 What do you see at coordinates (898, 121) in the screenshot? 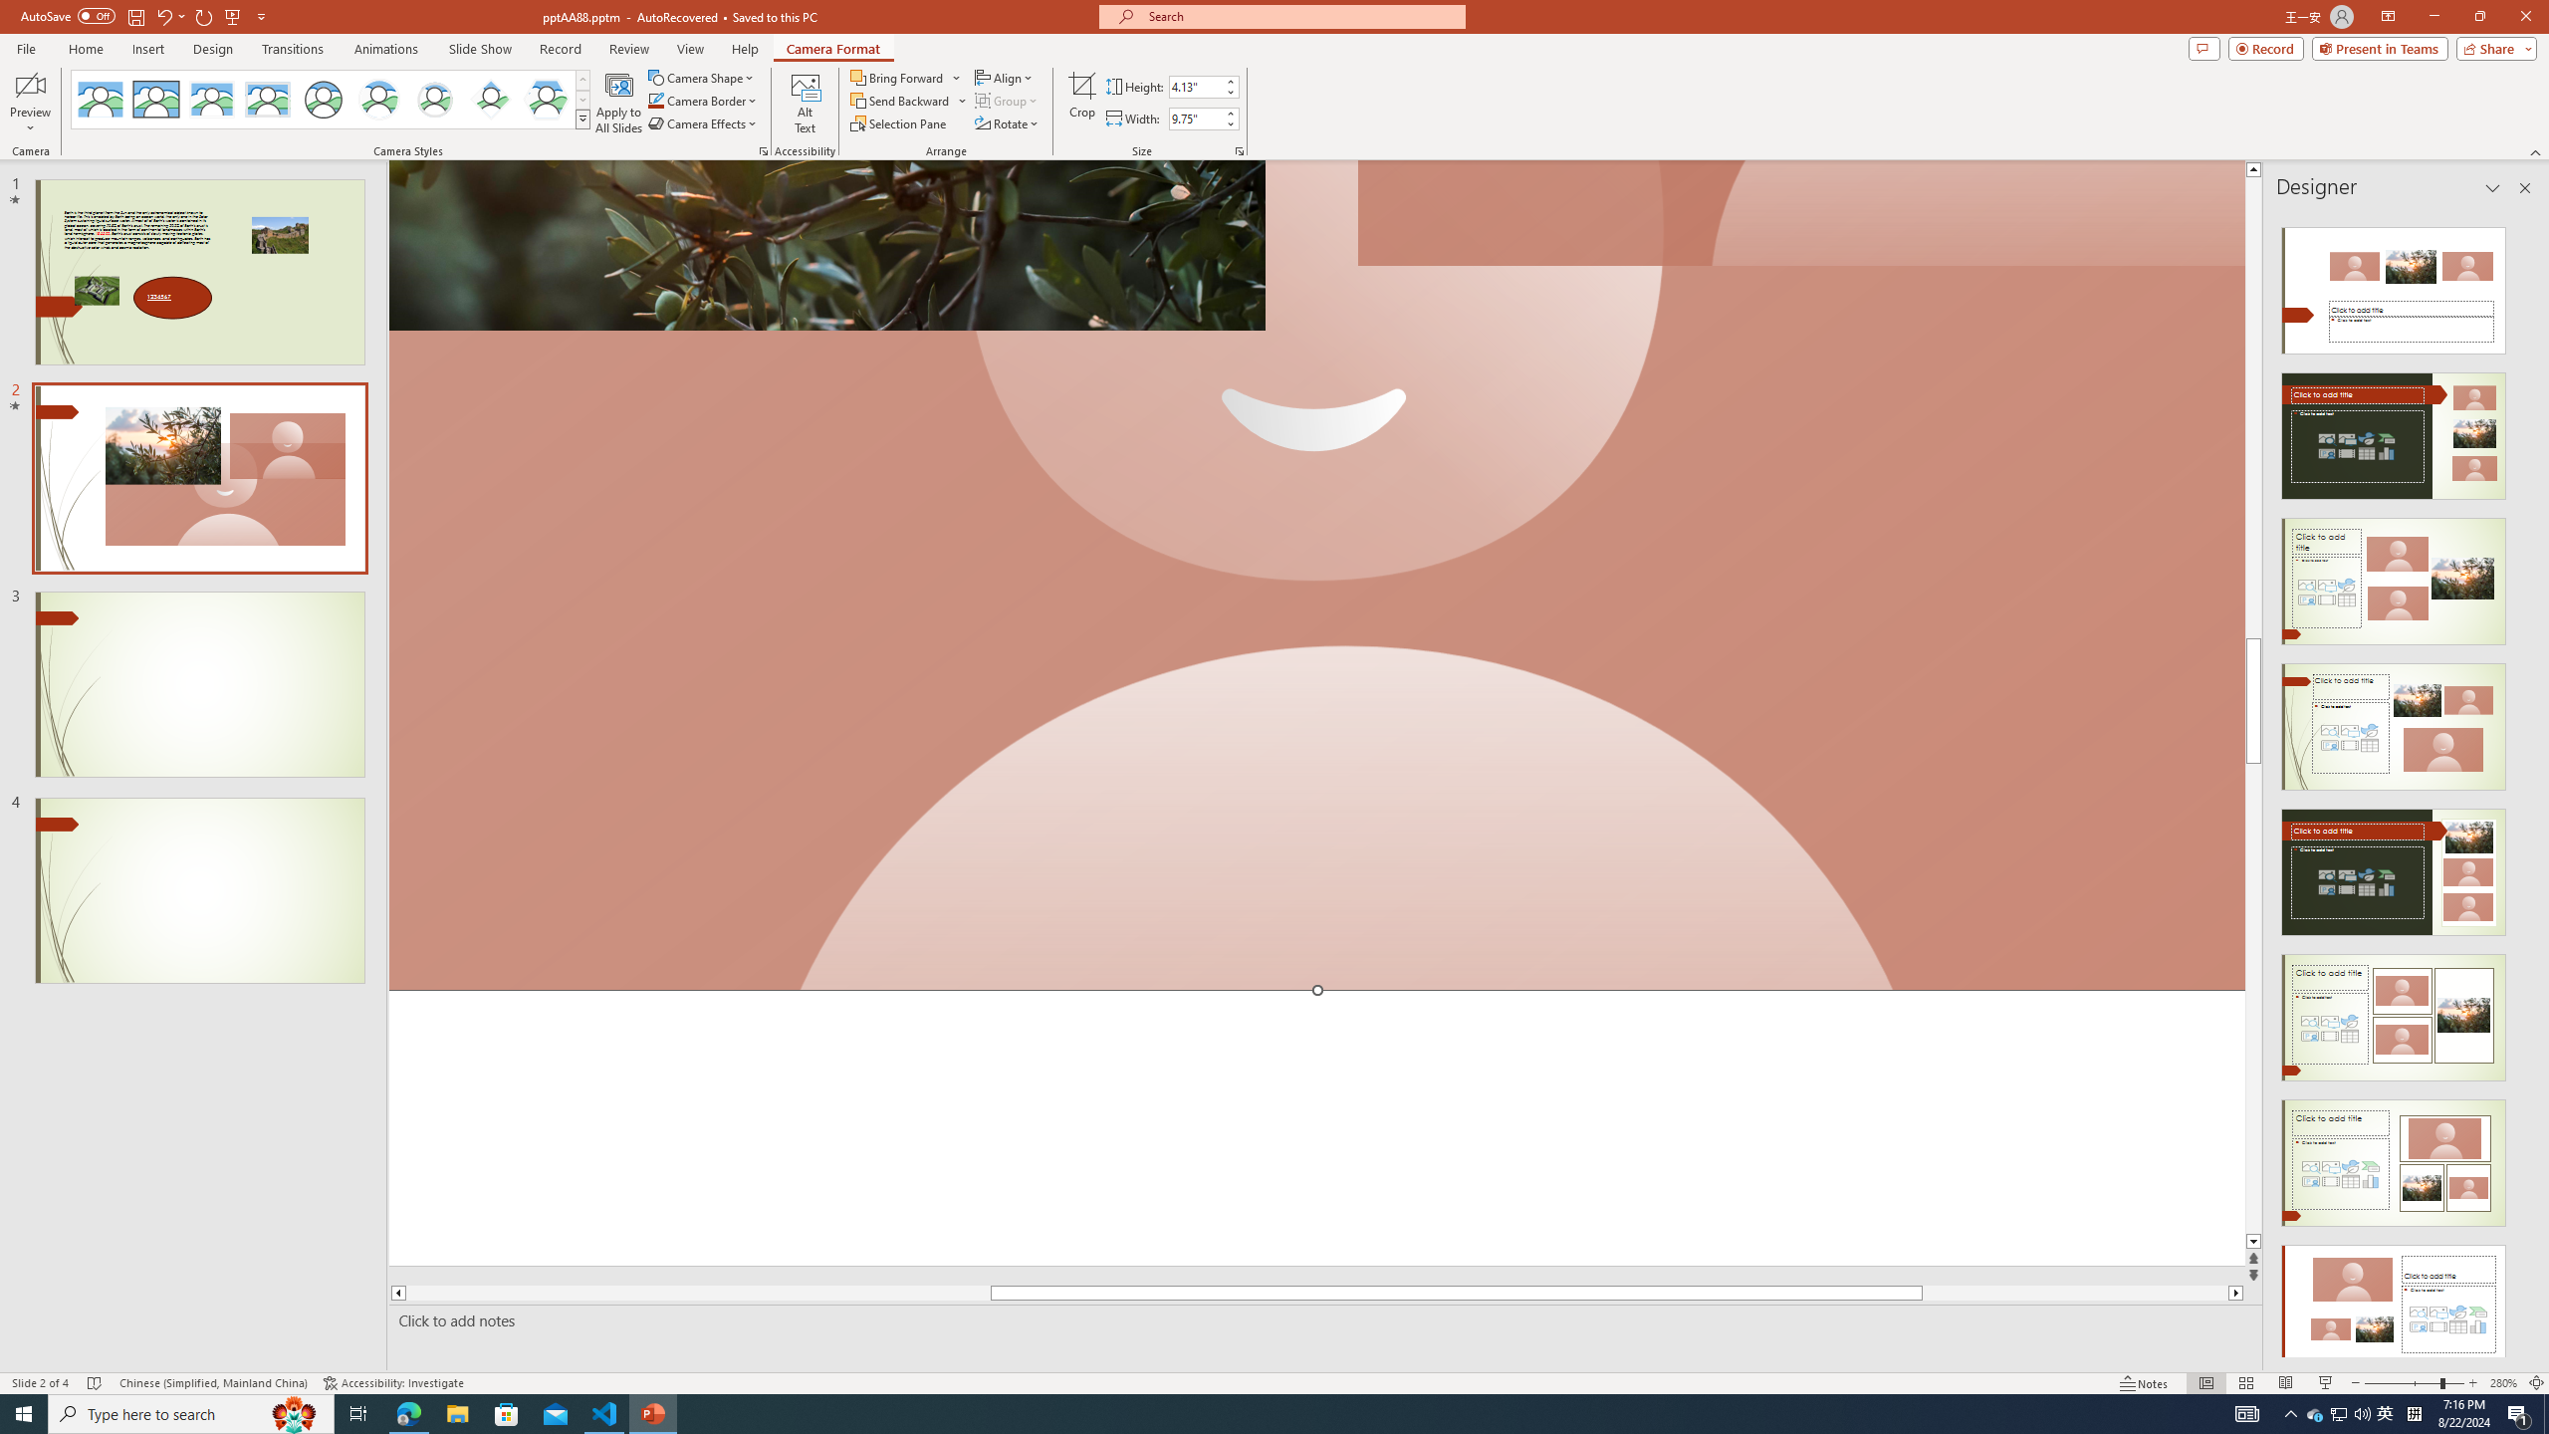
I see `'Selection Pane...'` at bounding box center [898, 121].